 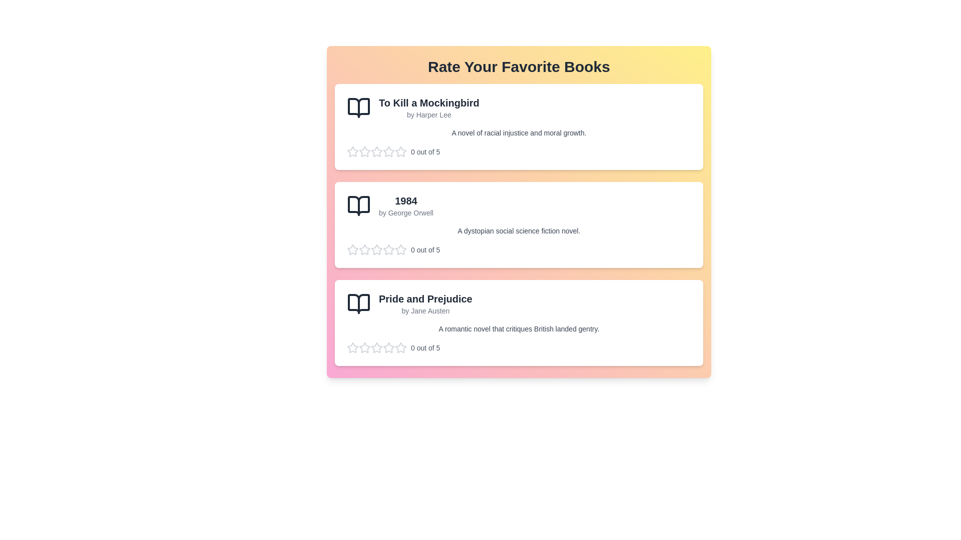 I want to click on the title text element displaying 'Pride and Prejudice', which is located on the third card in a vertical list, above the author text 'by Jane Austen', so click(x=425, y=298).